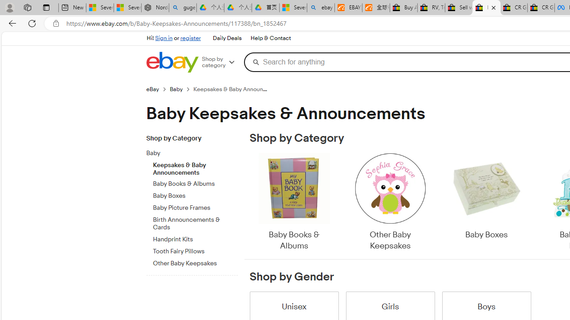 The width and height of the screenshot is (570, 320). I want to click on 'Sign in', so click(164, 38).